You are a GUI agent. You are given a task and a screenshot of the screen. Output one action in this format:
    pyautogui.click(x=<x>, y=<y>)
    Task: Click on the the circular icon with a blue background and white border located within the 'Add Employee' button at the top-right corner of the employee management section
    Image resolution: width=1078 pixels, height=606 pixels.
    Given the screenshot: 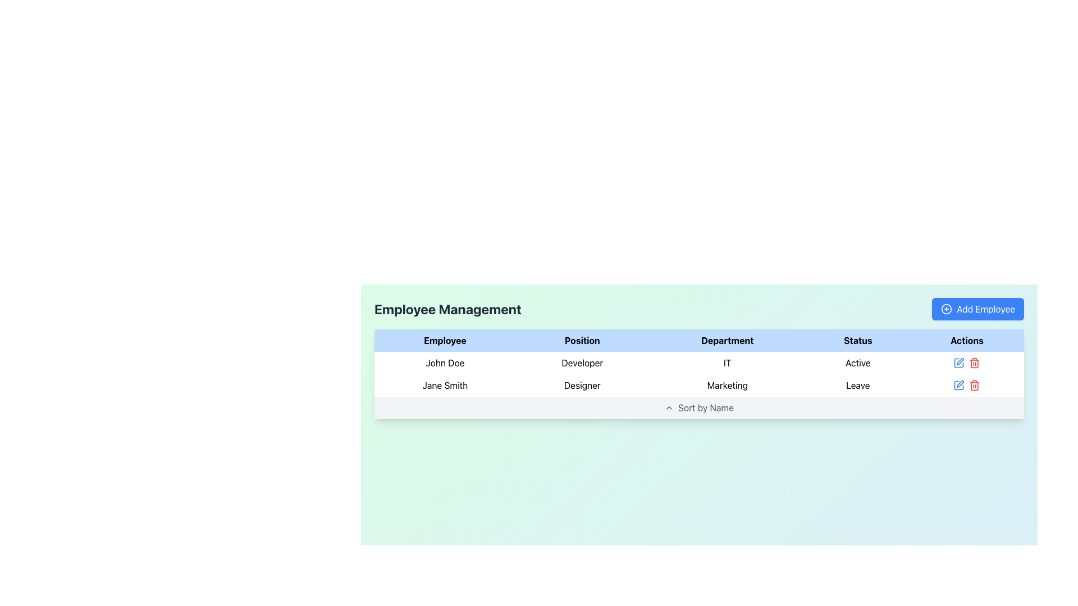 What is the action you would take?
    pyautogui.click(x=946, y=309)
    